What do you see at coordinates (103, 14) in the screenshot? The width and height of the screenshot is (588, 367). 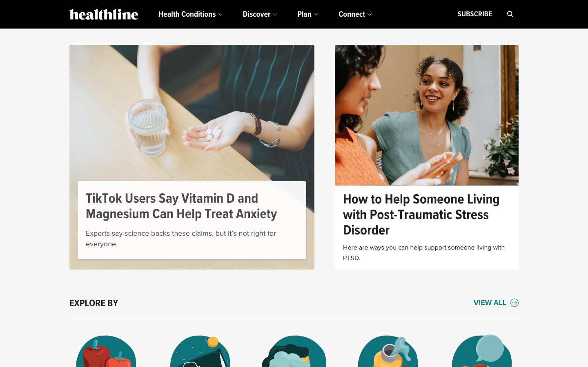 I see `Use the top left company logo to return to the main page` at bounding box center [103, 14].